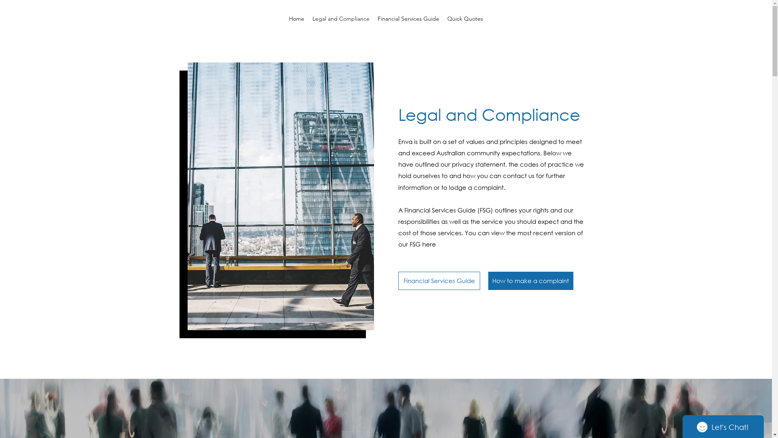 This screenshot has width=778, height=438. Describe the element at coordinates (465, 18) in the screenshot. I see `'Quick Quotes'` at that location.